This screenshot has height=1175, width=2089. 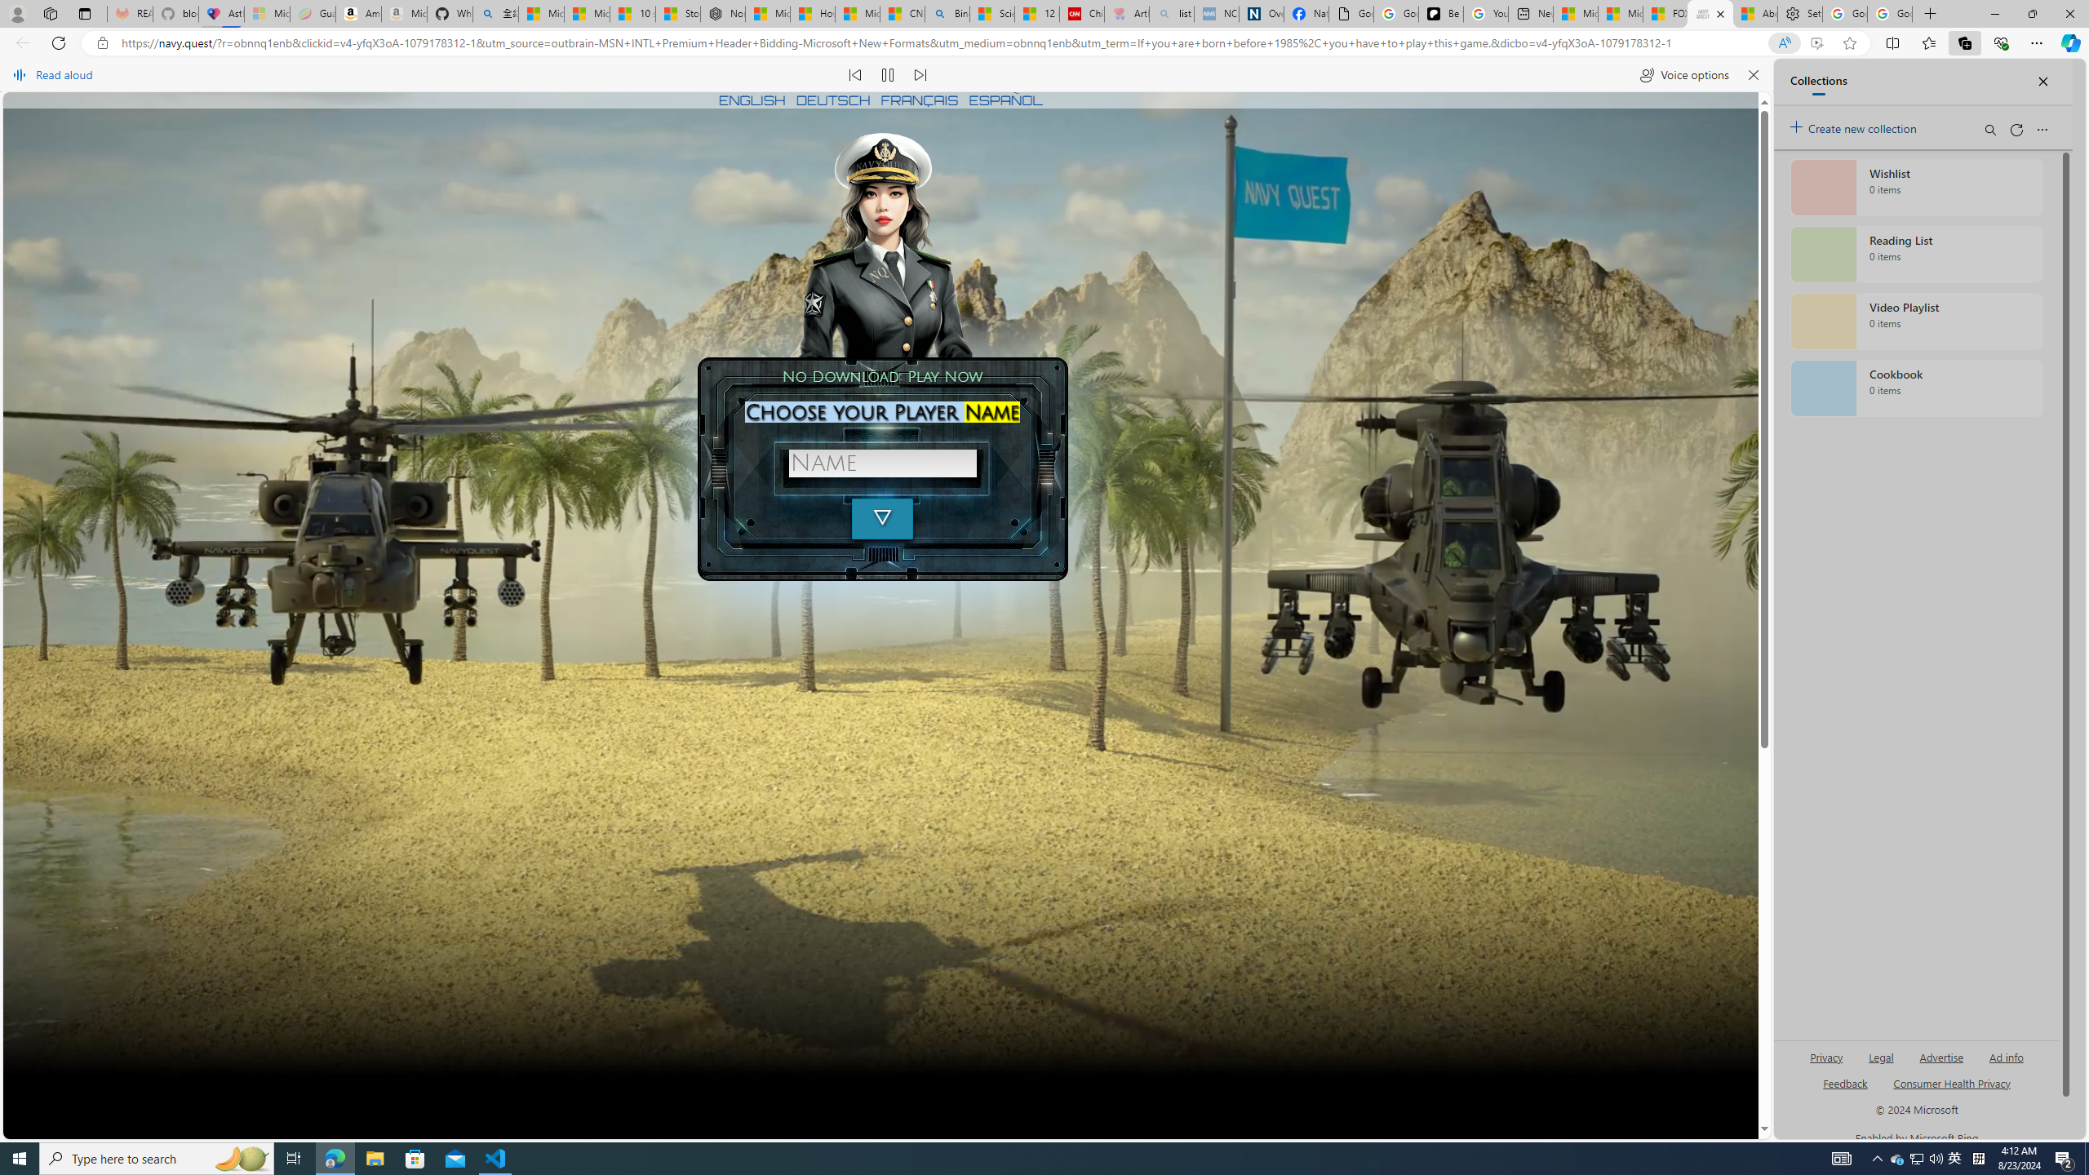 I want to click on 'Favorites', so click(x=1929, y=42).